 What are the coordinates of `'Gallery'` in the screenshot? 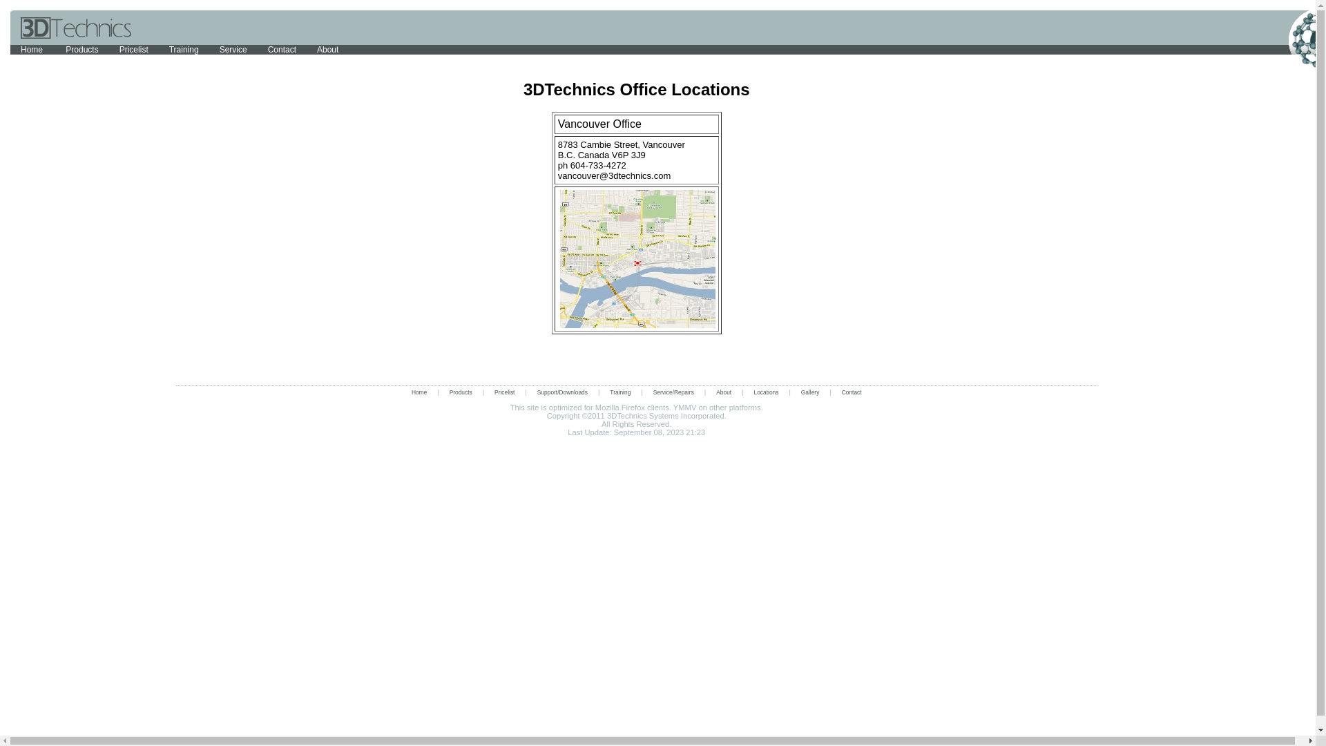 It's located at (810, 392).